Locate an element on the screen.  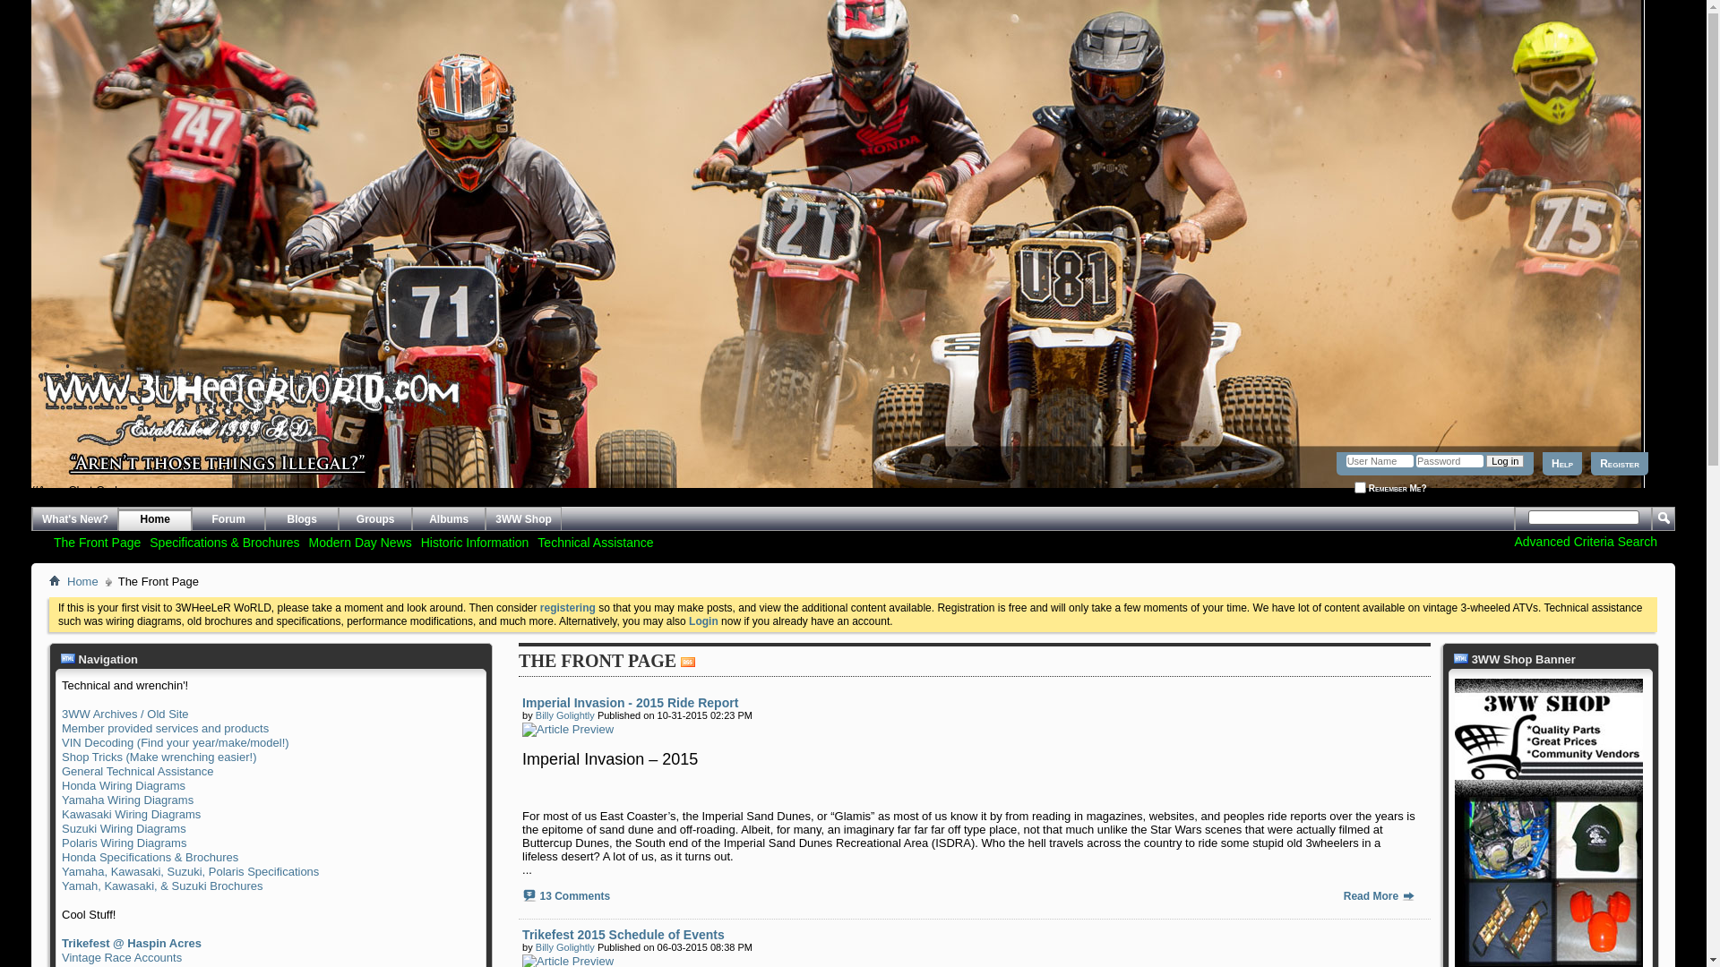
'Honda Wiring Diagrams' is located at coordinates (123, 784).